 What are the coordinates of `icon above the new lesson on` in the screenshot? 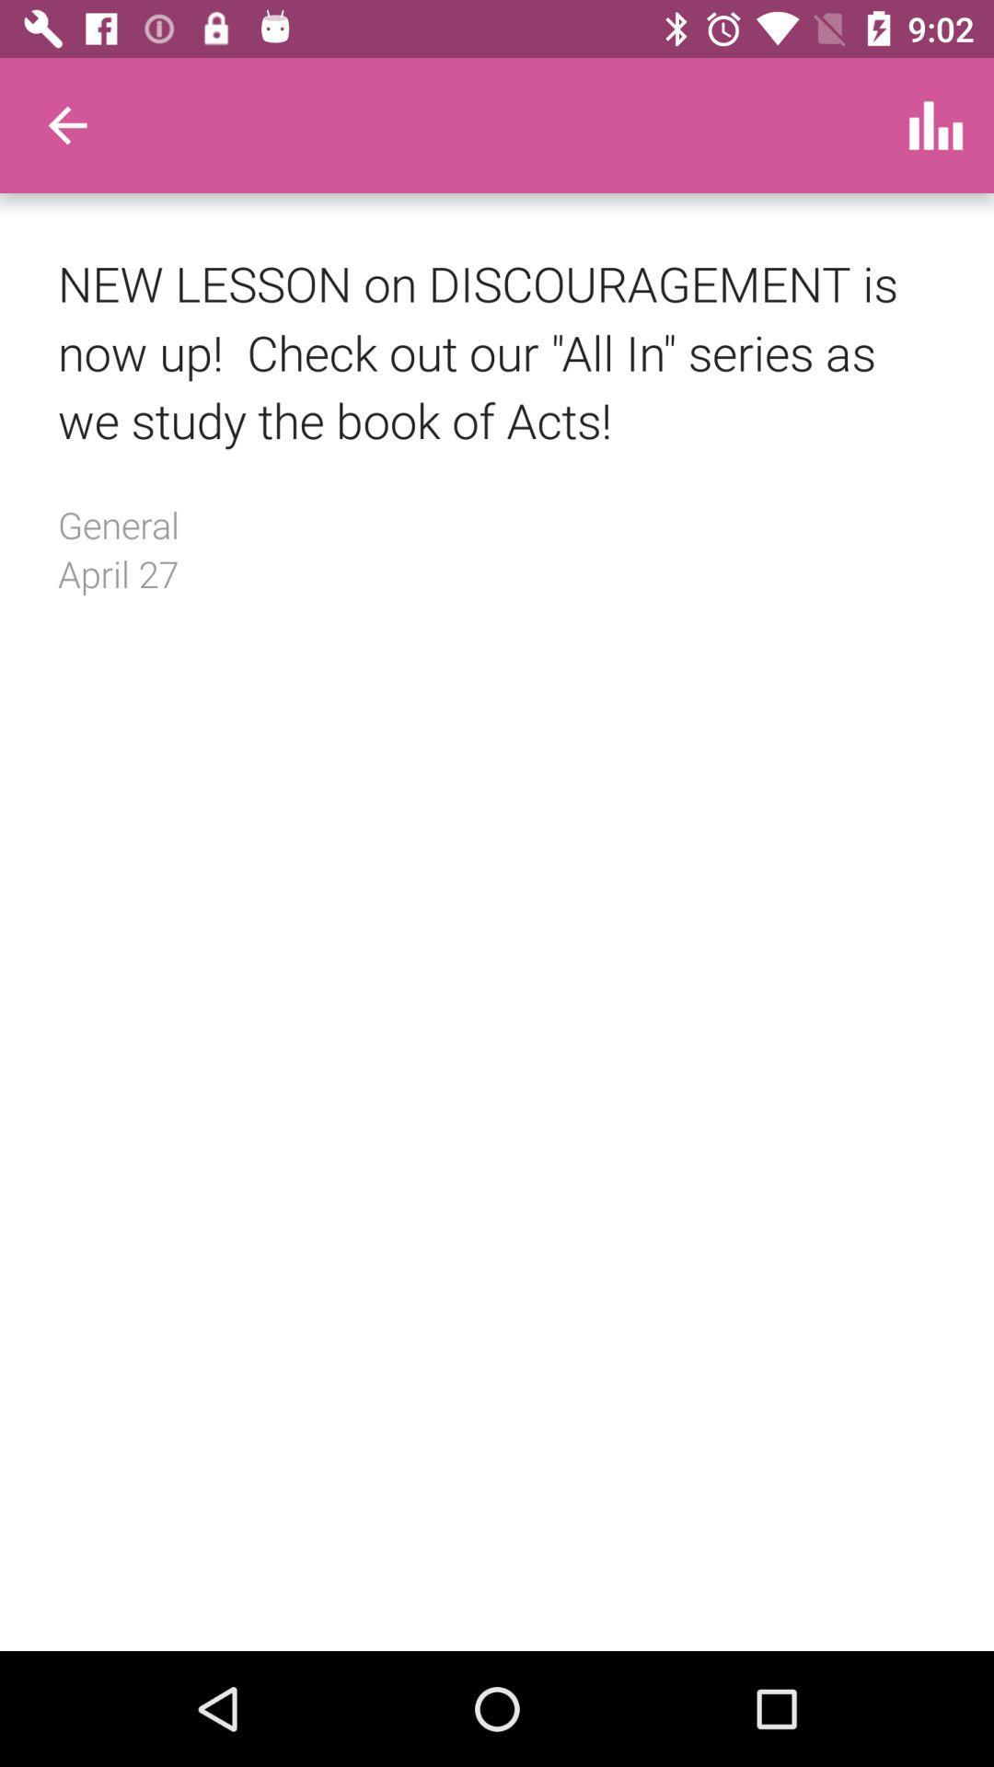 It's located at (936, 124).